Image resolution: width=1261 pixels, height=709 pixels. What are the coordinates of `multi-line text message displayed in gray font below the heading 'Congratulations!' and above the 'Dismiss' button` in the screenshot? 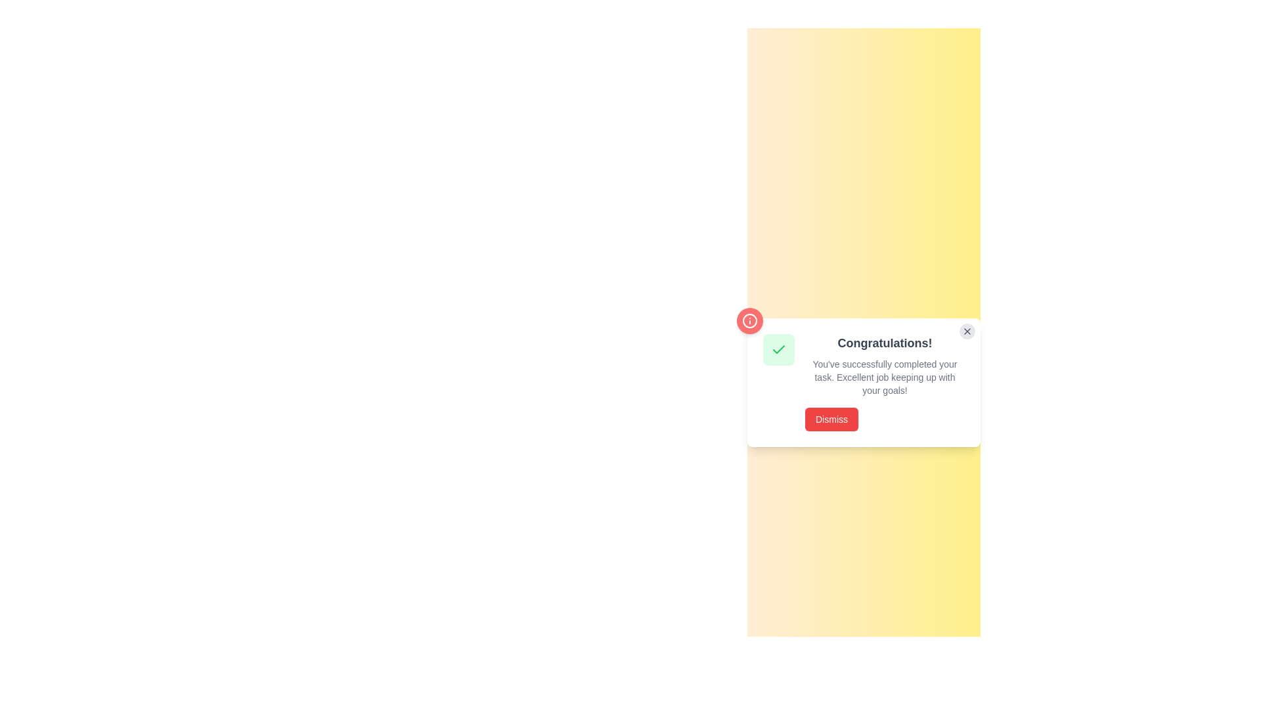 It's located at (885, 377).